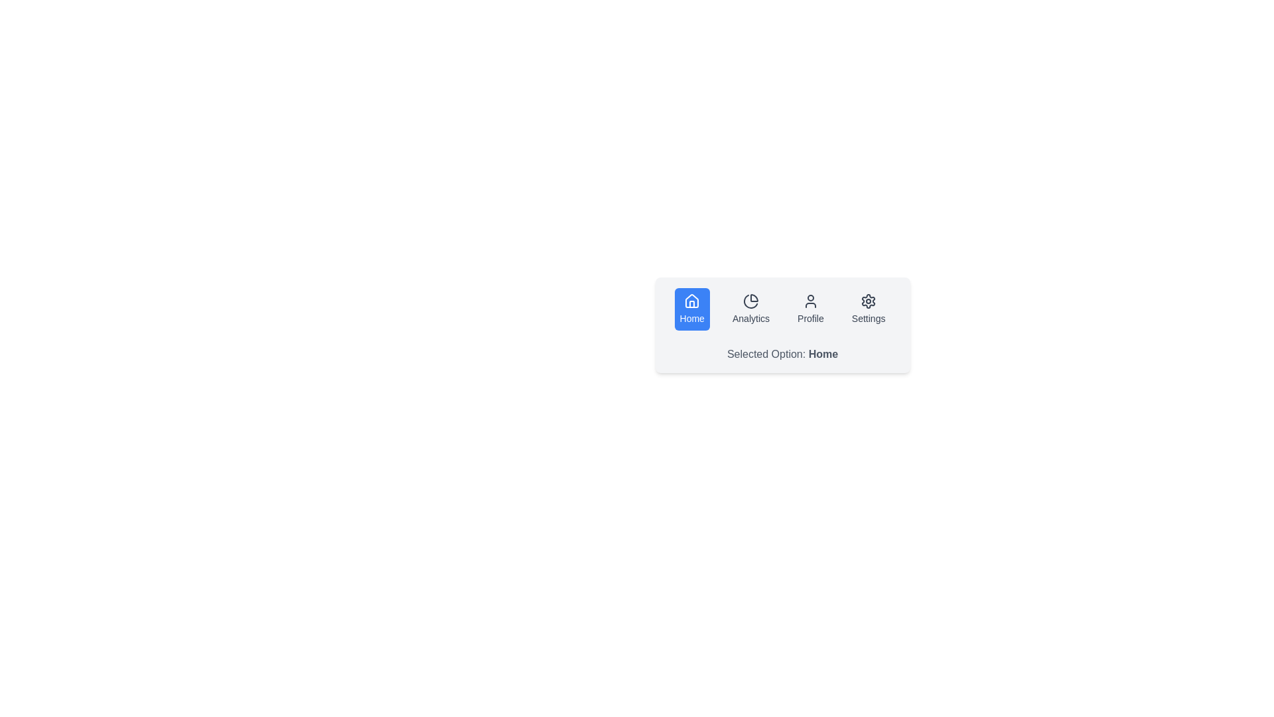 The height and width of the screenshot is (717, 1274). What do you see at coordinates (869, 301) in the screenshot?
I see `the gear icon, which is designed in a line style with a circular center and multiple teeth, located above the 'Settings' text` at bounding box center [869, 301].